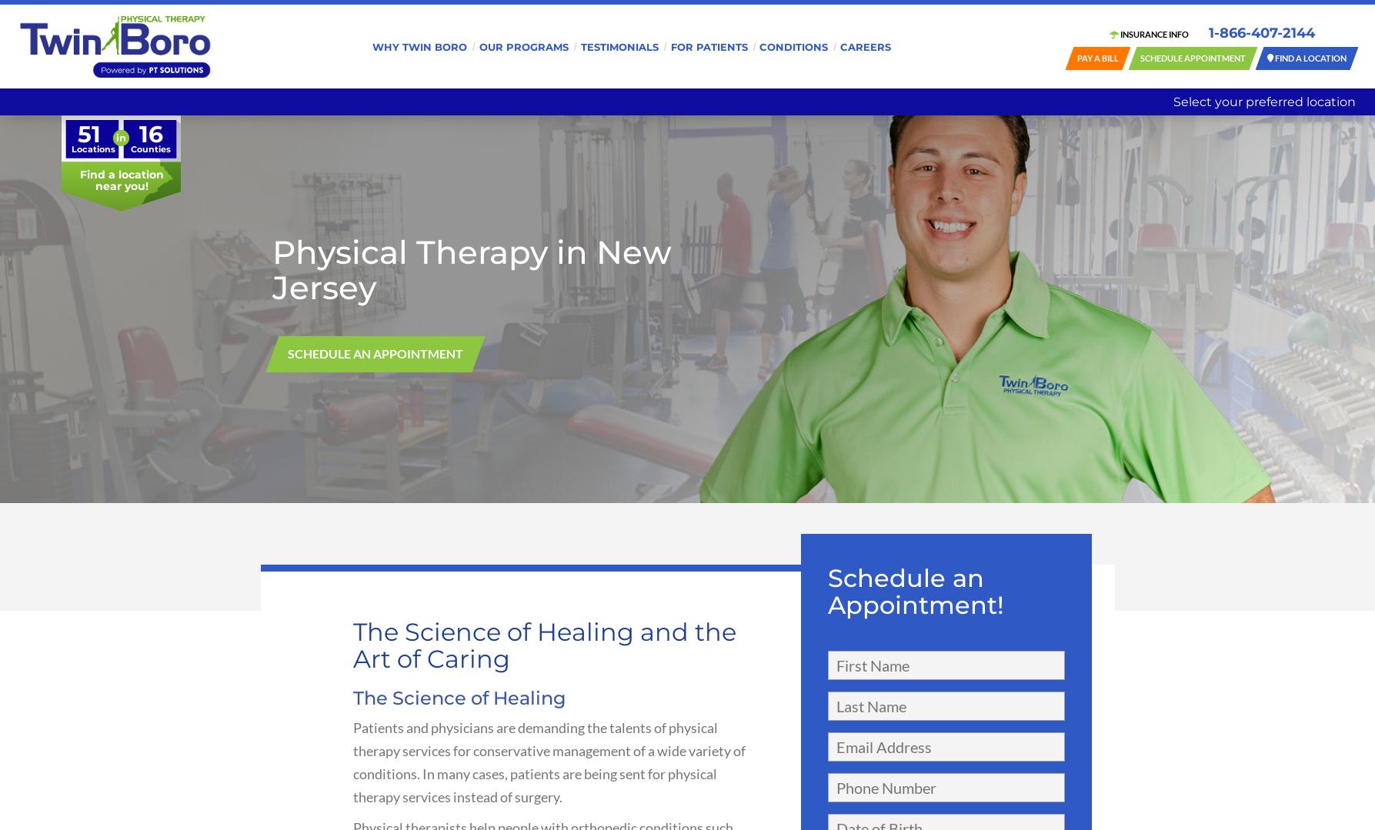 The width and height of the screenshot is (1375, 830). Describe the element at coordinates (77, 134) in the screenshot. I see `'51'` at that location.